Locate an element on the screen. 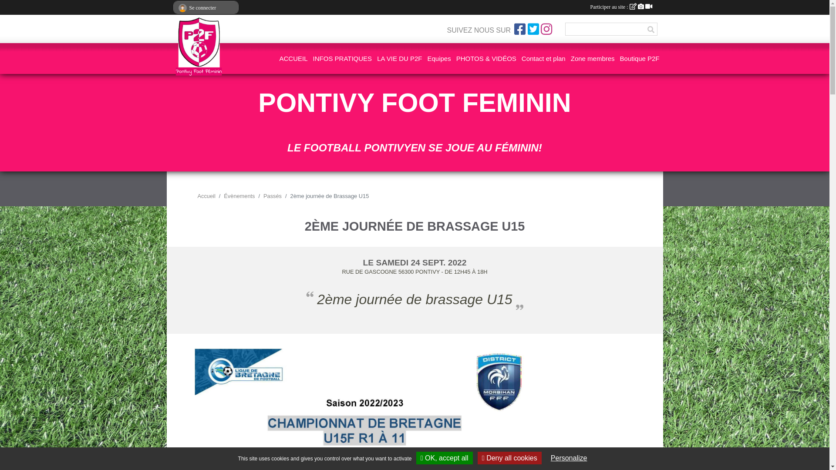 This screenshot has width=836, height=470. 'Compte Twitter de l'association' is located at coordinates (527, 28).